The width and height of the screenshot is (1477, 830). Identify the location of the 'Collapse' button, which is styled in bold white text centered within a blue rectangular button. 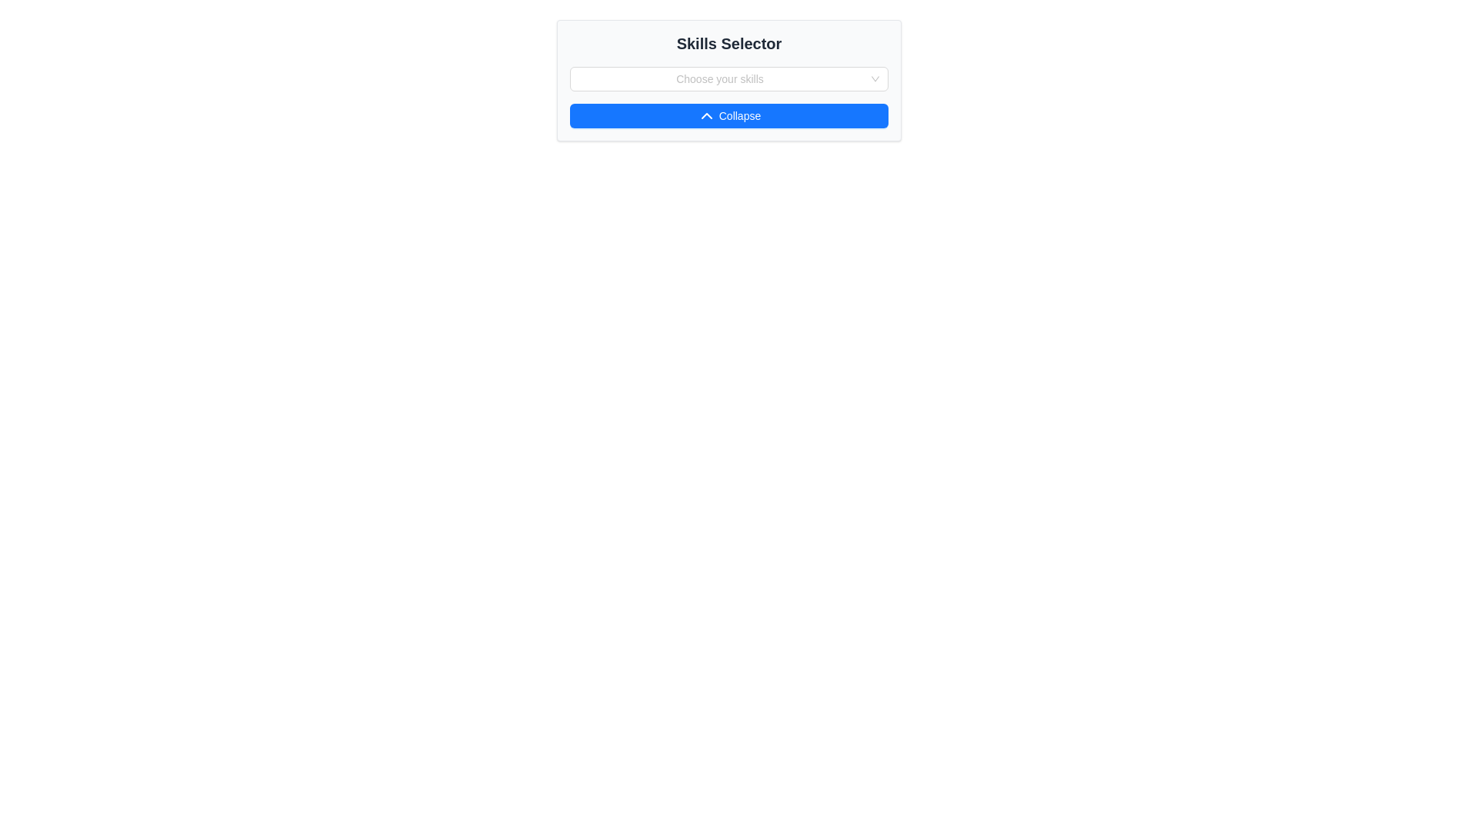
(739, 115).